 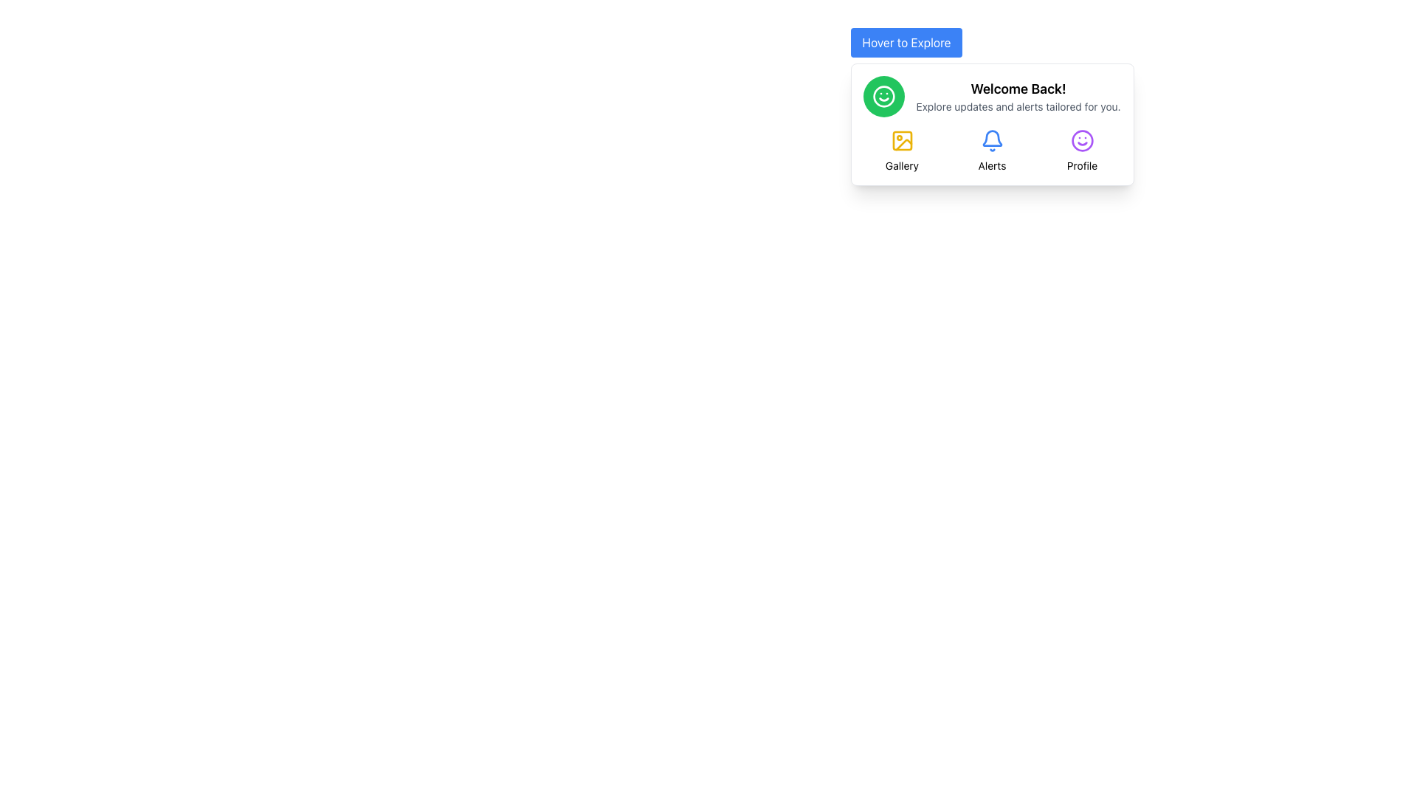 What do you see at coordinates (901, 151) in the screenshot?
I see `the leftmost navigational button with an icon and label` at bounding box center [901, 151].